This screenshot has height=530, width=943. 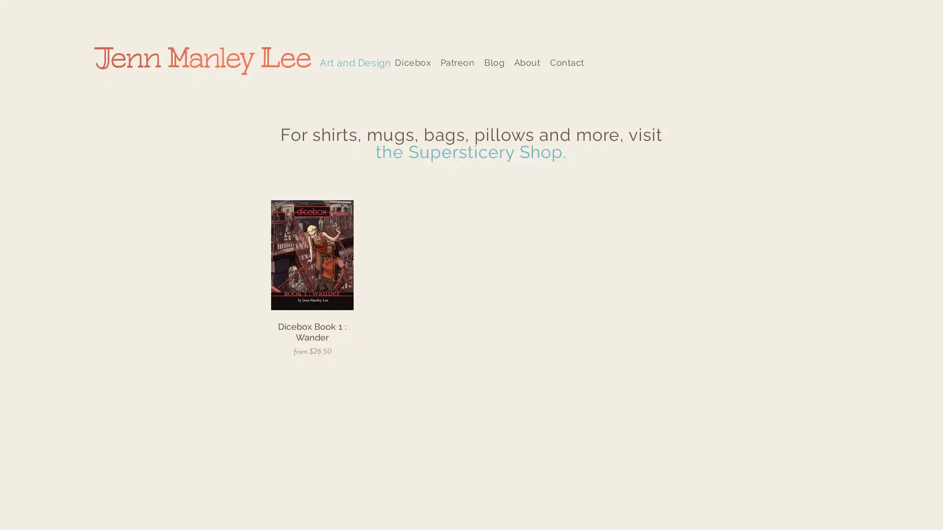 I want to click on QUICK VIEW, so click(x=311, y=336).